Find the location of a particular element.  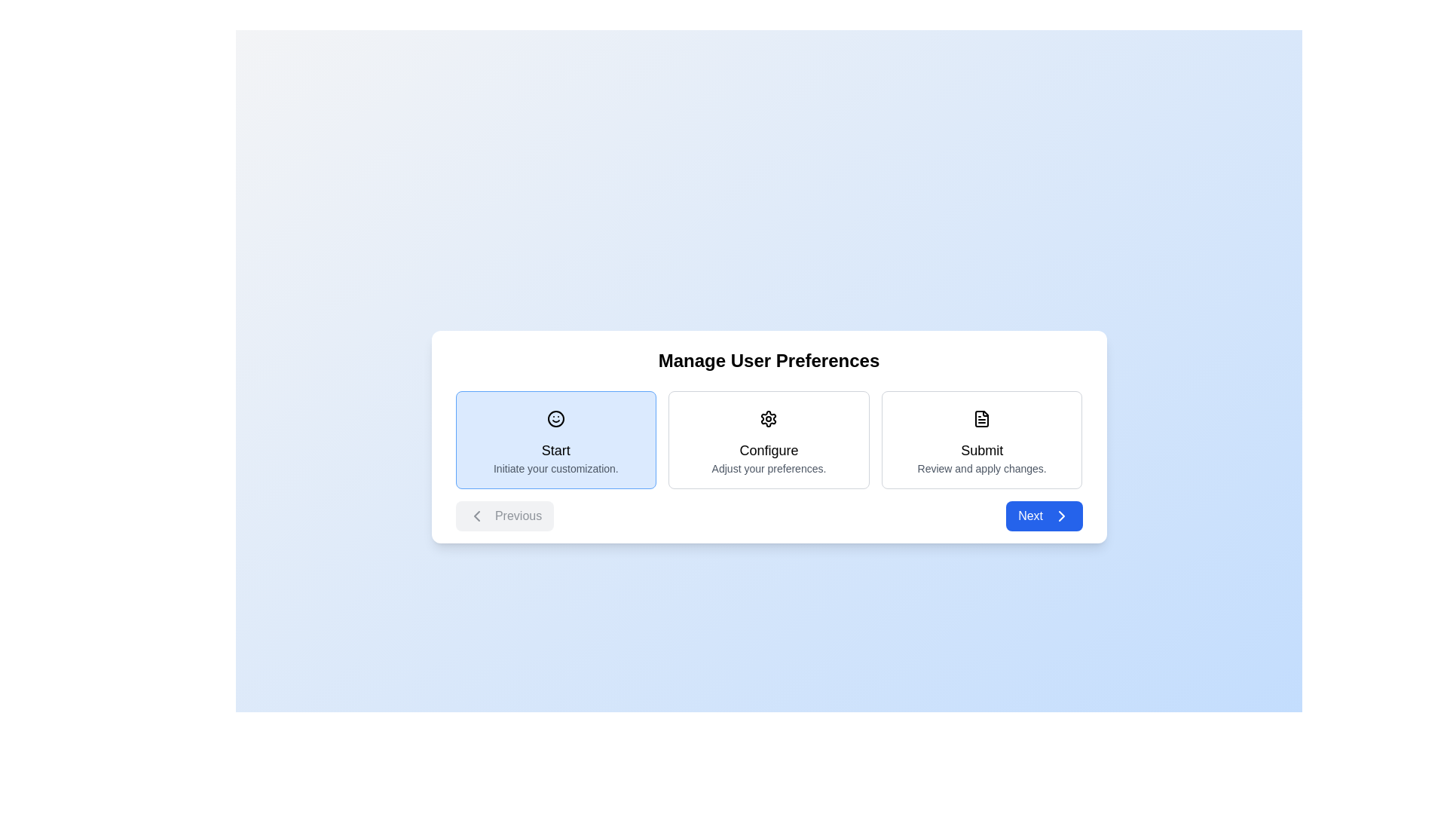

the step Submit by clicking on its card is located at coordinates (982, 439).